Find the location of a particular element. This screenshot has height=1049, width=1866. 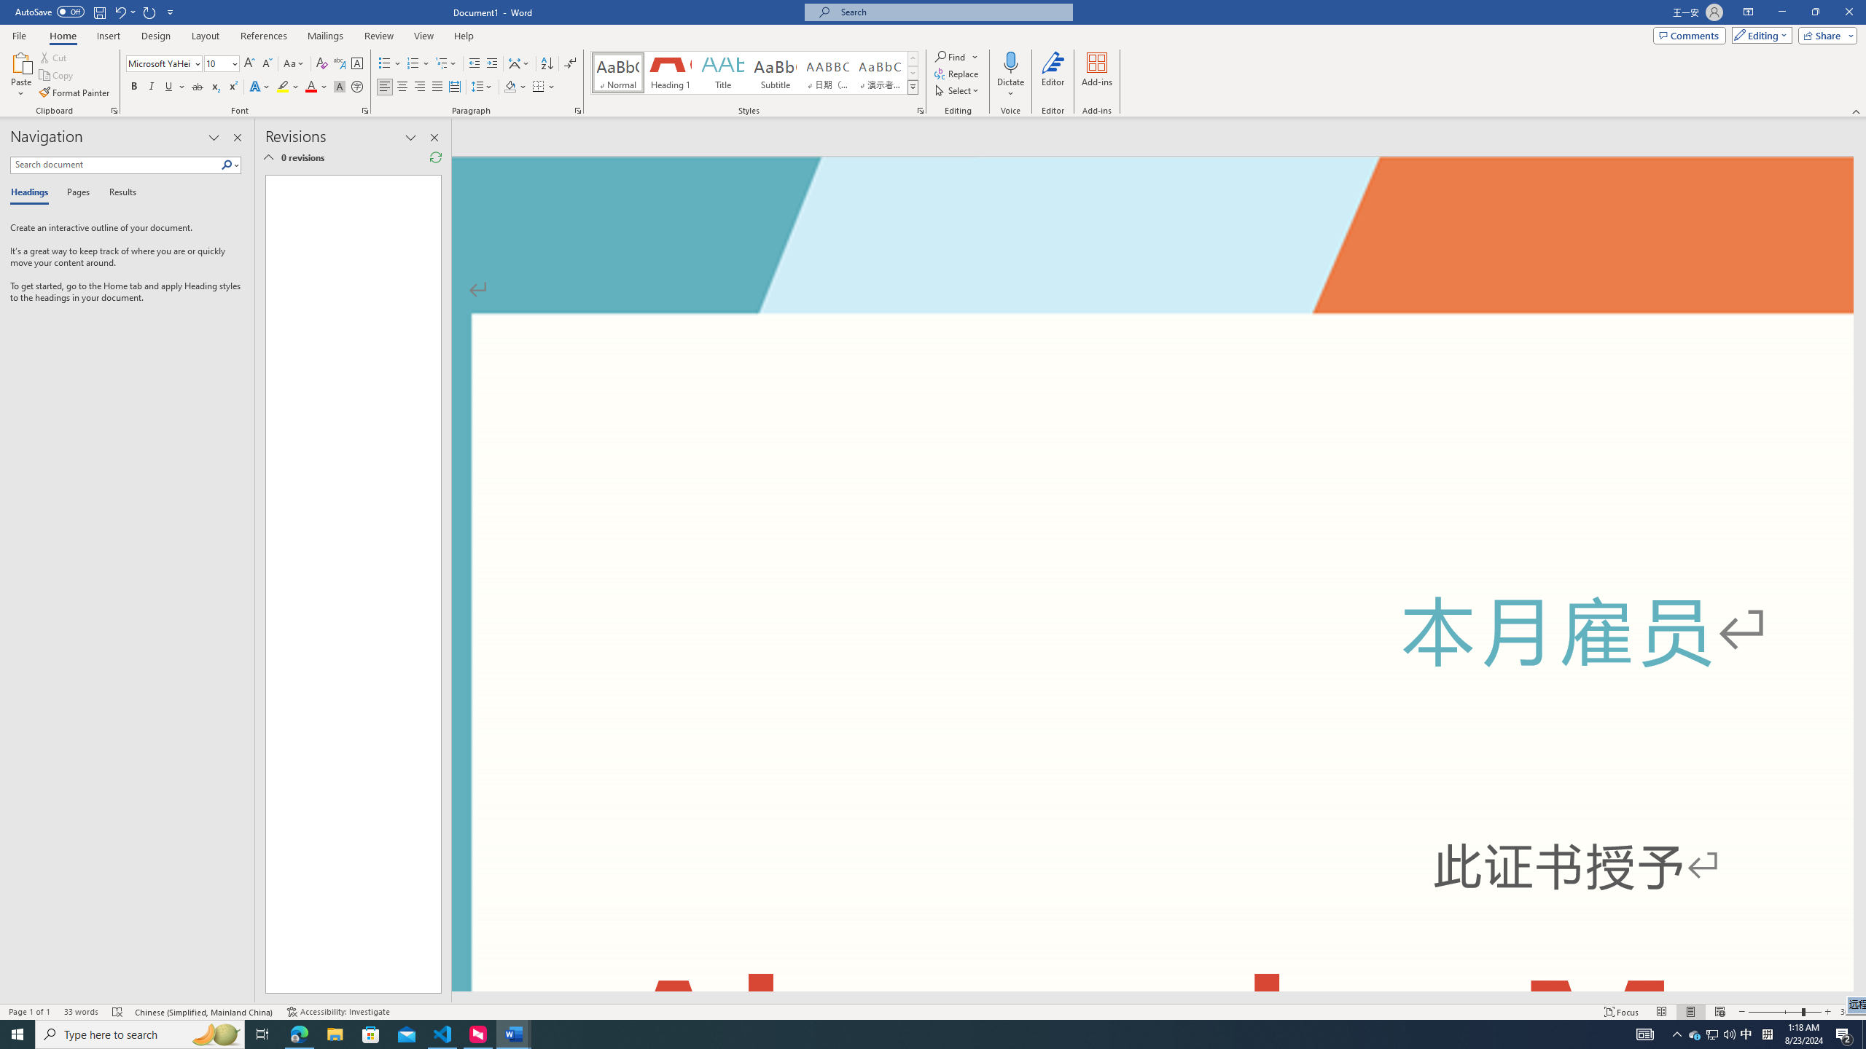

'Page Number Page 1 of 1' is located at coordinates (29, 1012).